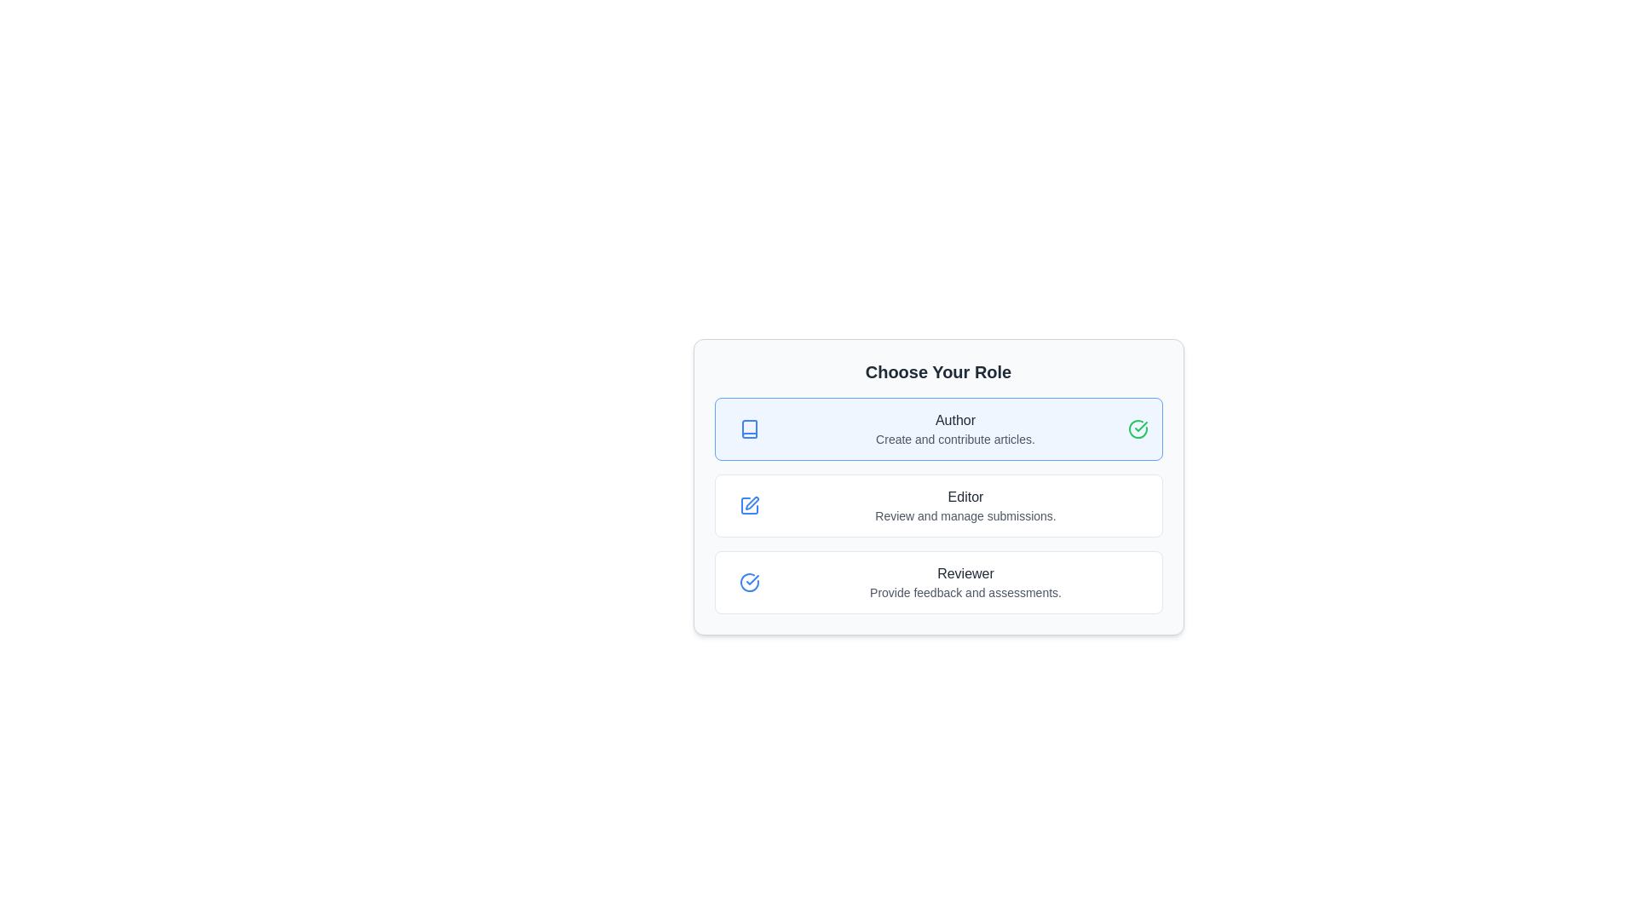 The image size is (1636, 920). I want to click on the static text block that presents the title 'Author' and description 'Create and contribute articles.' which is the first option in a vertically arranged list of roles, so click(955, 428).